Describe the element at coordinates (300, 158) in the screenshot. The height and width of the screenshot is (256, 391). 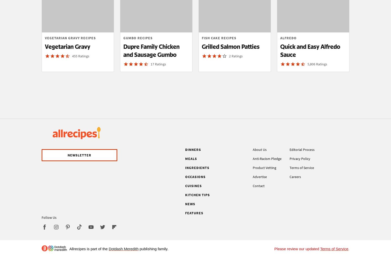
I see `'Privacy Policy'` at that location.